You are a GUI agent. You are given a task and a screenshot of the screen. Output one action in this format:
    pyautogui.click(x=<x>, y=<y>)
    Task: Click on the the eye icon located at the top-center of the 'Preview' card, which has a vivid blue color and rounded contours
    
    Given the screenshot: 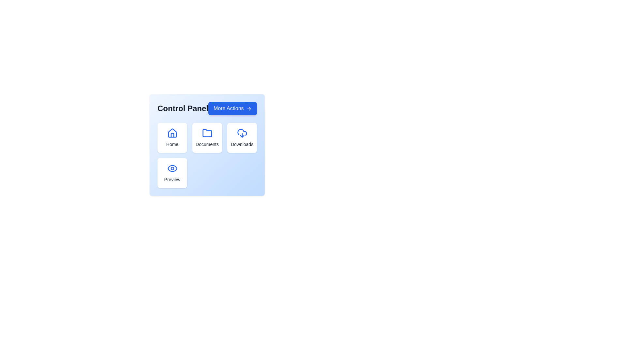 What is the action you would take?
    pyautogui.click(x=172, y=168)
    